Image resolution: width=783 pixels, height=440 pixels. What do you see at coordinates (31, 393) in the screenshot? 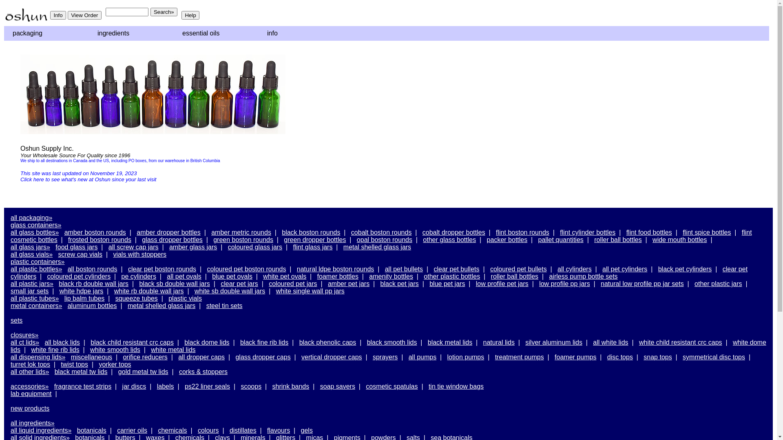
I see `'lab equipment'` at bounding box center [31, 393].